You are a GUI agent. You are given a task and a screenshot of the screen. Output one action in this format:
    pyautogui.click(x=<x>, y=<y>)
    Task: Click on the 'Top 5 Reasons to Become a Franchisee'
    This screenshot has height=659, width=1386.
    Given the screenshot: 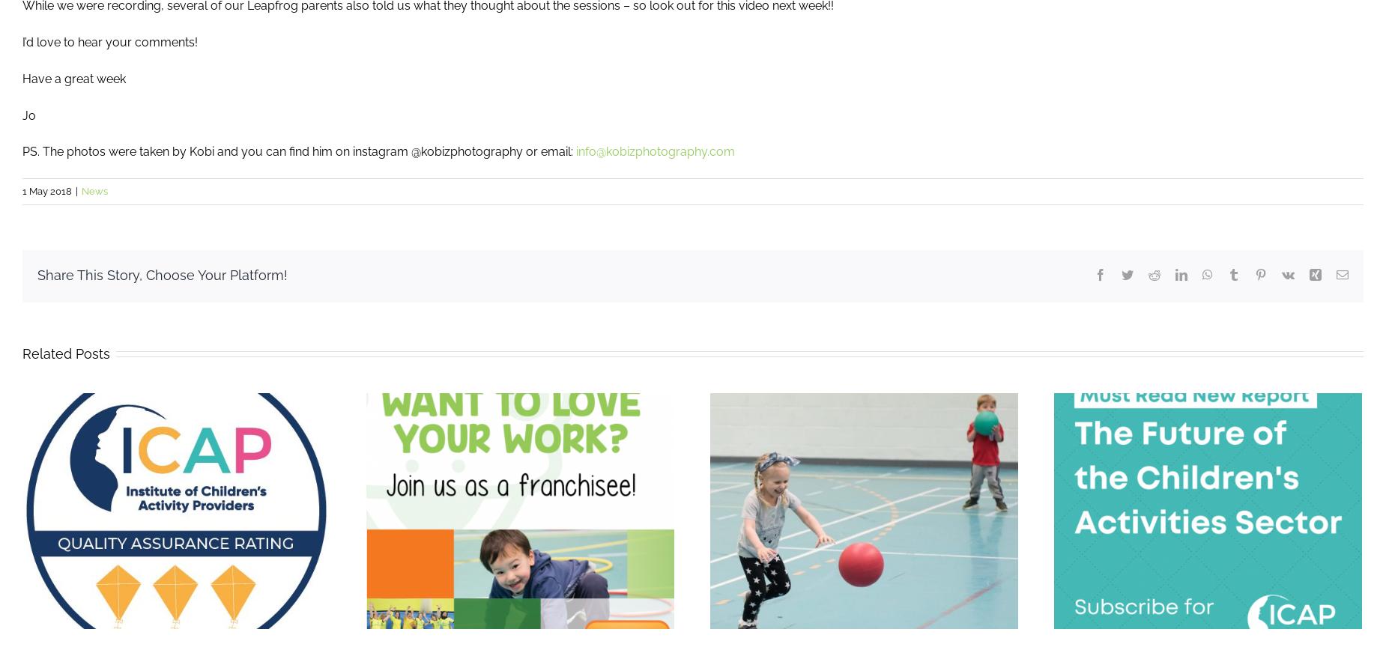 What is the action you would take?
    pyautogui.click(x=211, y=526)
    